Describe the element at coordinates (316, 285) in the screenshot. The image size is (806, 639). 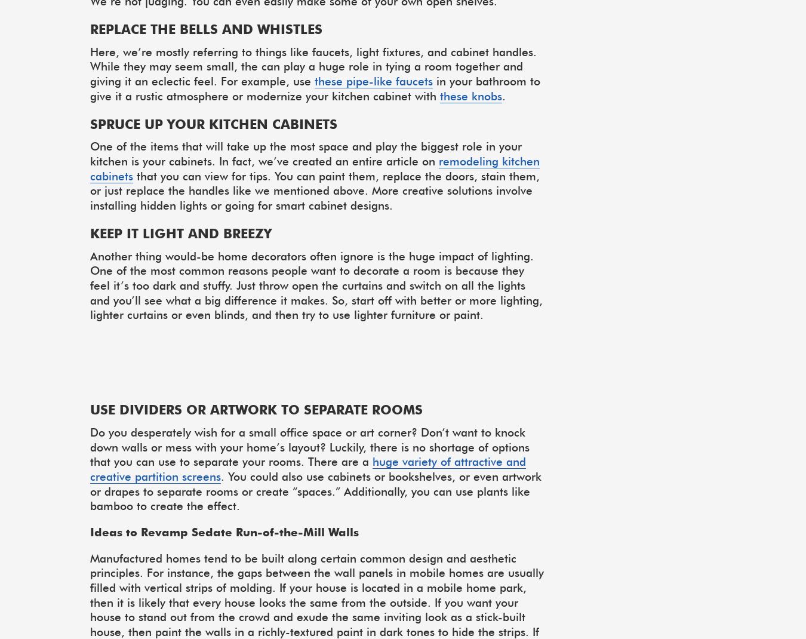
I see `'Another thing would-be home decorators often ignore is the huge impact of lighting. One of the most common reasons people want to decorate a room is because they feel it’s too dark and stuffy. Just throw open the curtains and switch on all the lights and you’ll see what a big difference it makes. So, start off with better or more lighting, lighter curtains or even blinds, and then try to use lighter furniture or paint.'` at that location.